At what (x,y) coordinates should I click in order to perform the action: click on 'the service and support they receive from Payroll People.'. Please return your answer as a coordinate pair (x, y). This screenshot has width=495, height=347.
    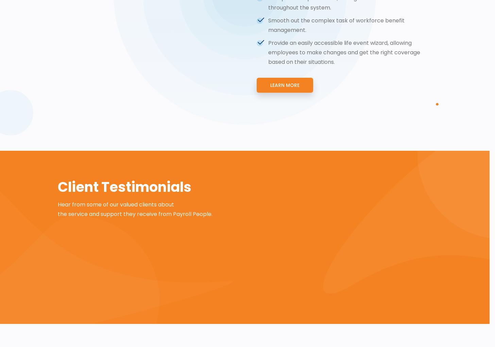
    Looking at the image, I should click on (58, 214).